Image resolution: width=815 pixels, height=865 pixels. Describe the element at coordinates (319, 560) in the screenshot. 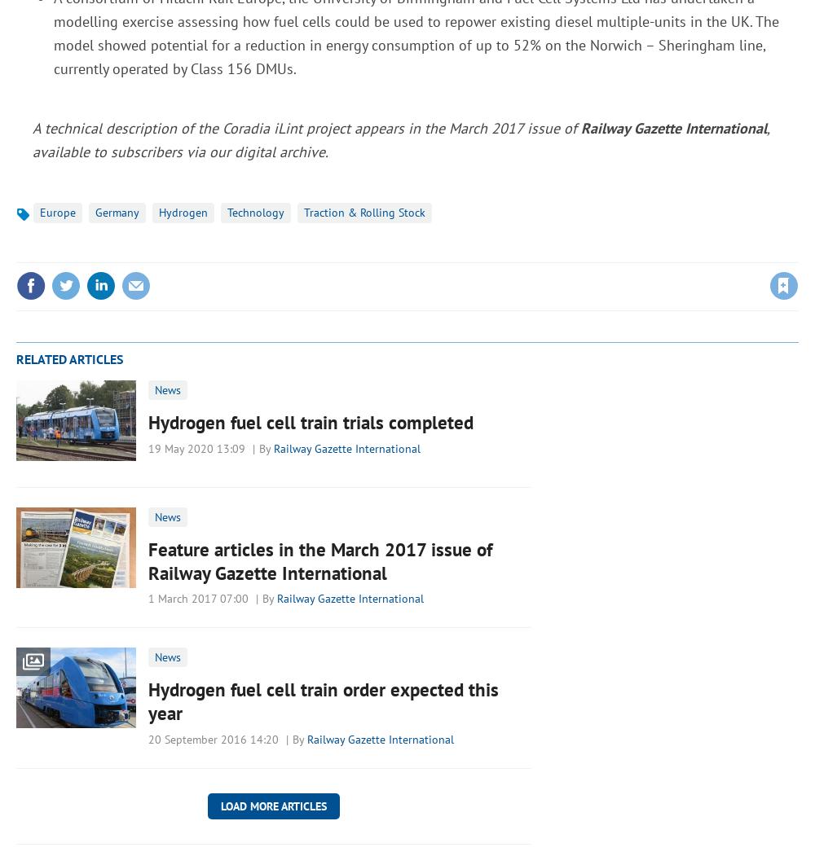

I see `'Feature articles in the March 2017 issue of Railway Gazette International'` at that location.